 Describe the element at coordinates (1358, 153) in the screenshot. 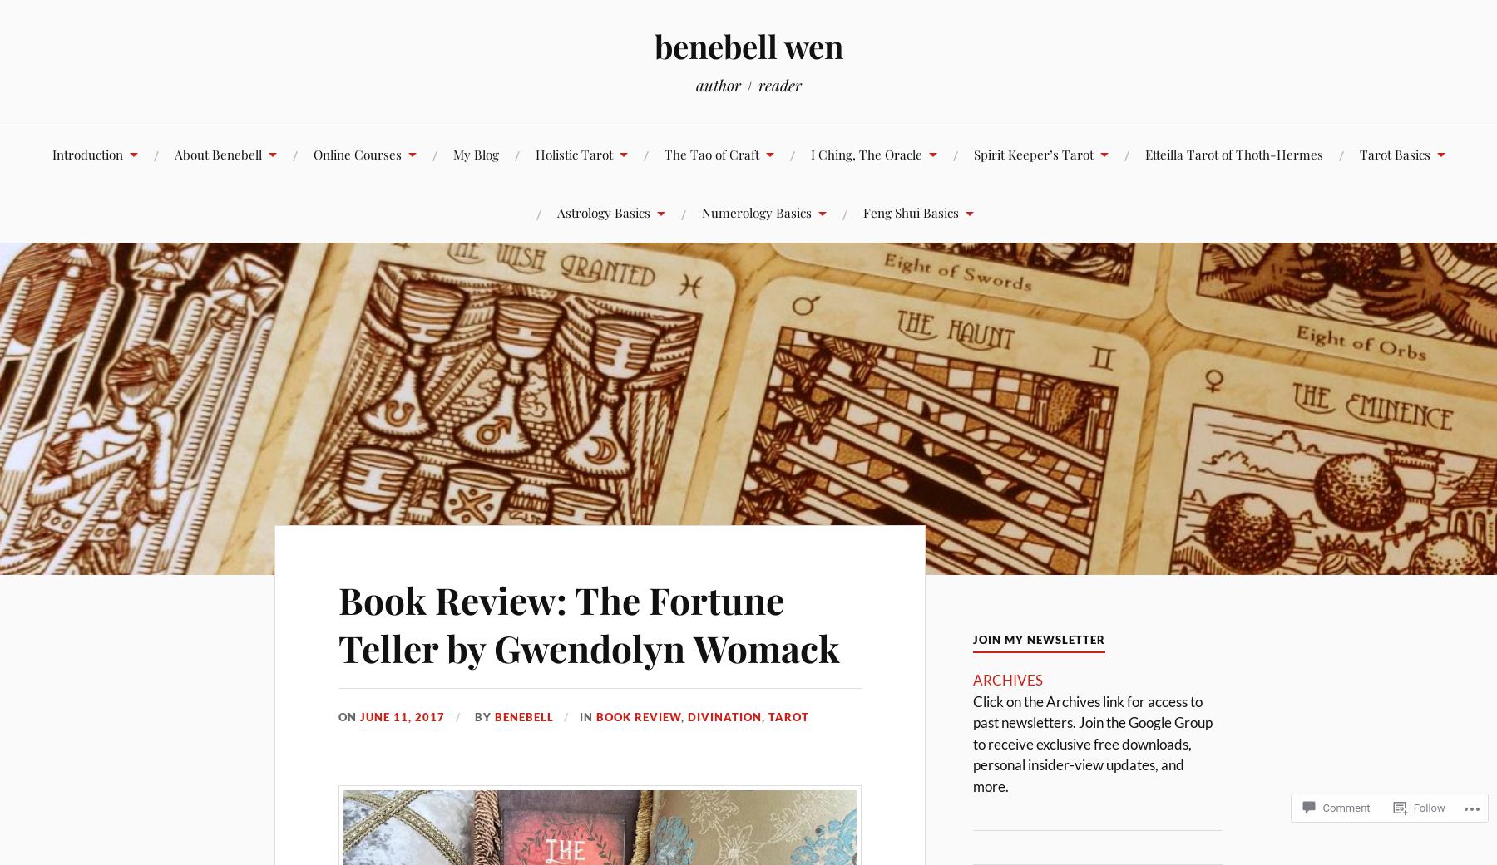

I see `'Tarot Basics'` at that location.